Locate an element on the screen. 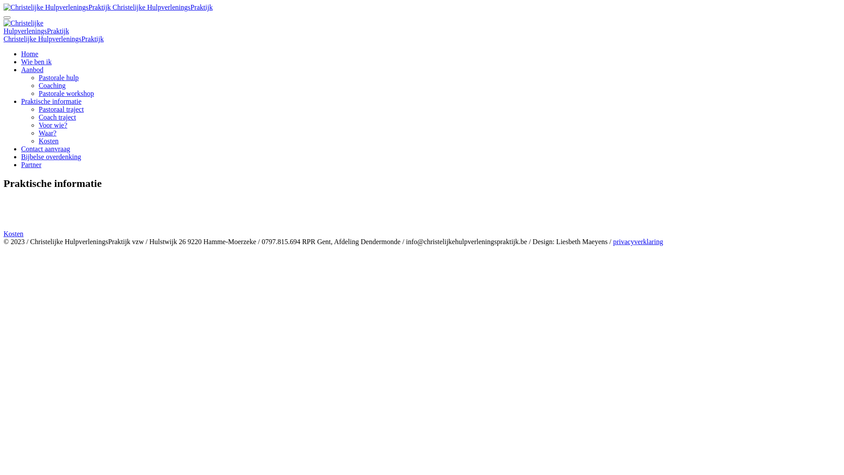 This screenshot has height=475, width=844. 'Christelijke HulpverleningsPraktijk' is located at coordinates (53, 38).